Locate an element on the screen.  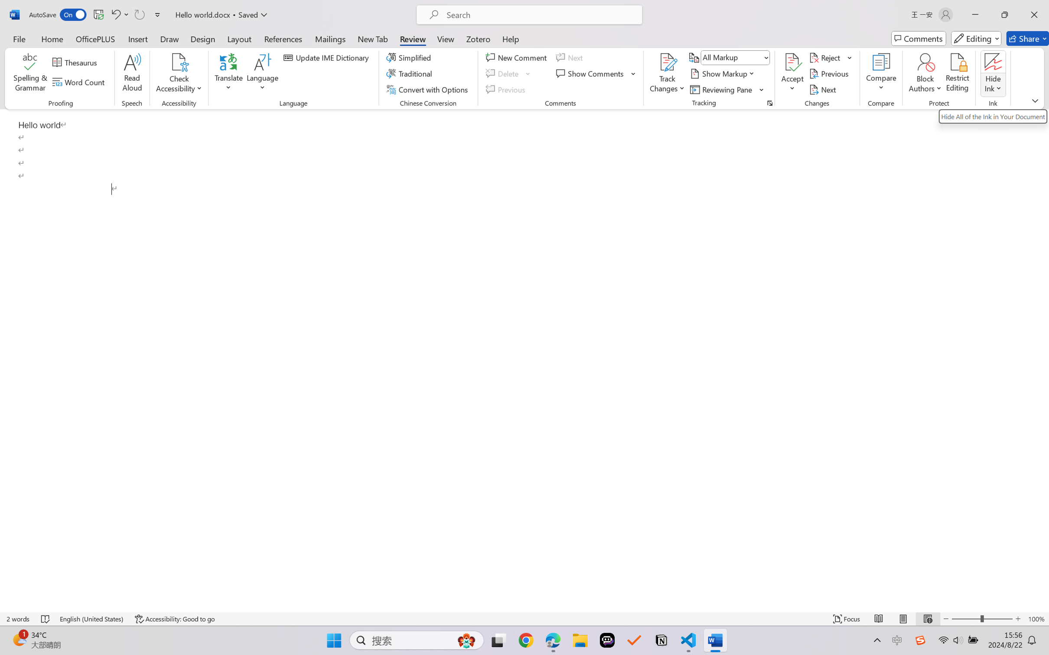
'OfficePLUS' is located at coordinates (94, 38).